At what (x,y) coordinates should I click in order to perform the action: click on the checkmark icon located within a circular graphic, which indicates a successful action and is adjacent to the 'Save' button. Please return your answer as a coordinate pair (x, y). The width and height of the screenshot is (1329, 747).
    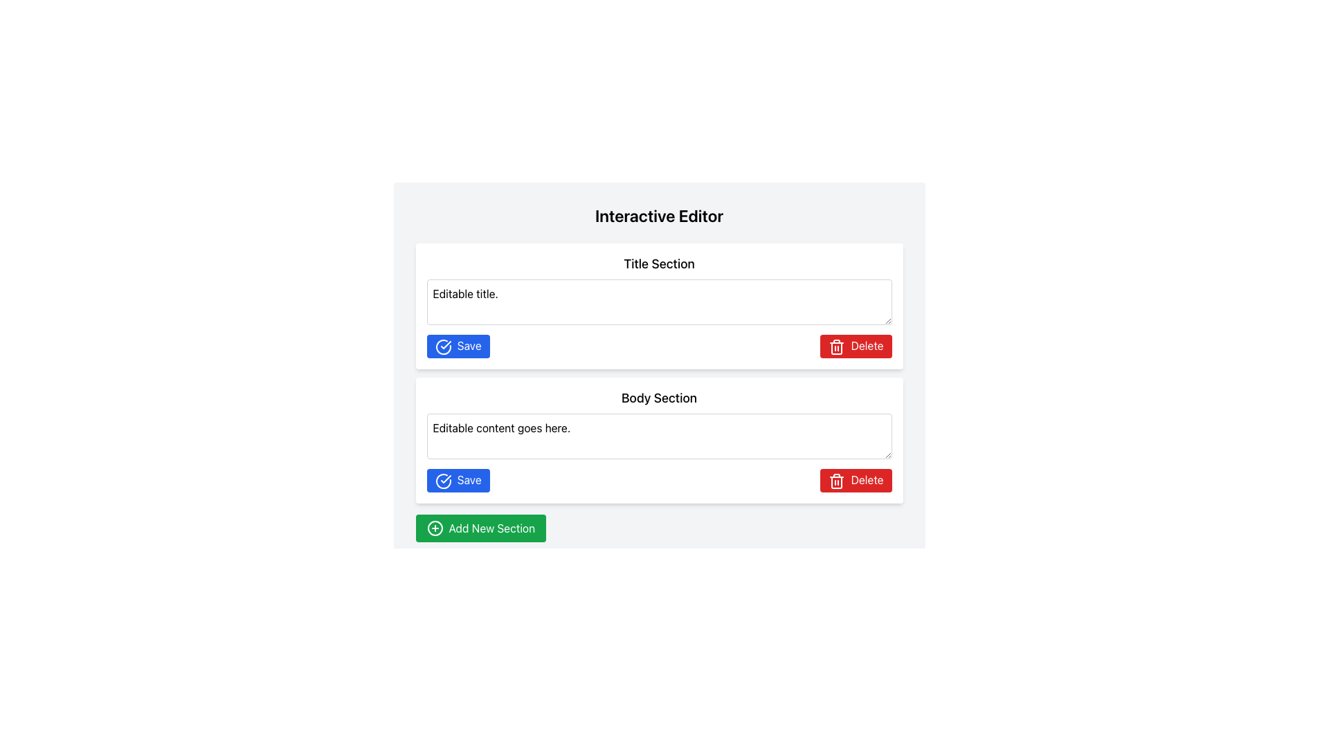
    Looking at the image, I should click on (445, 477).